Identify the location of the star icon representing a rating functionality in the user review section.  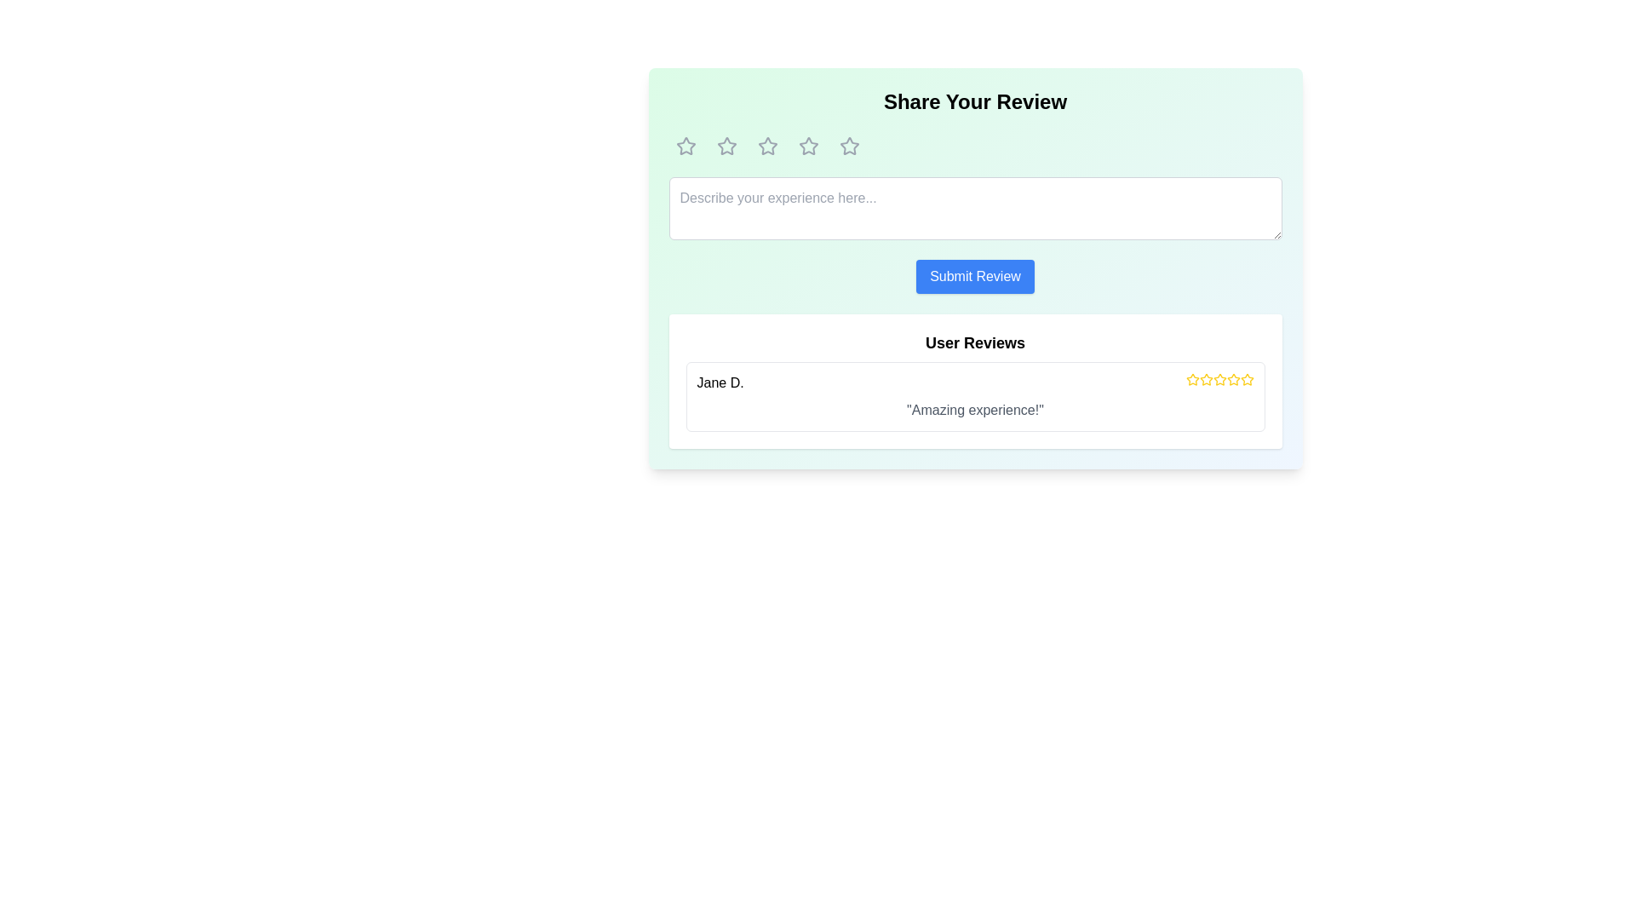
(1191, 379).